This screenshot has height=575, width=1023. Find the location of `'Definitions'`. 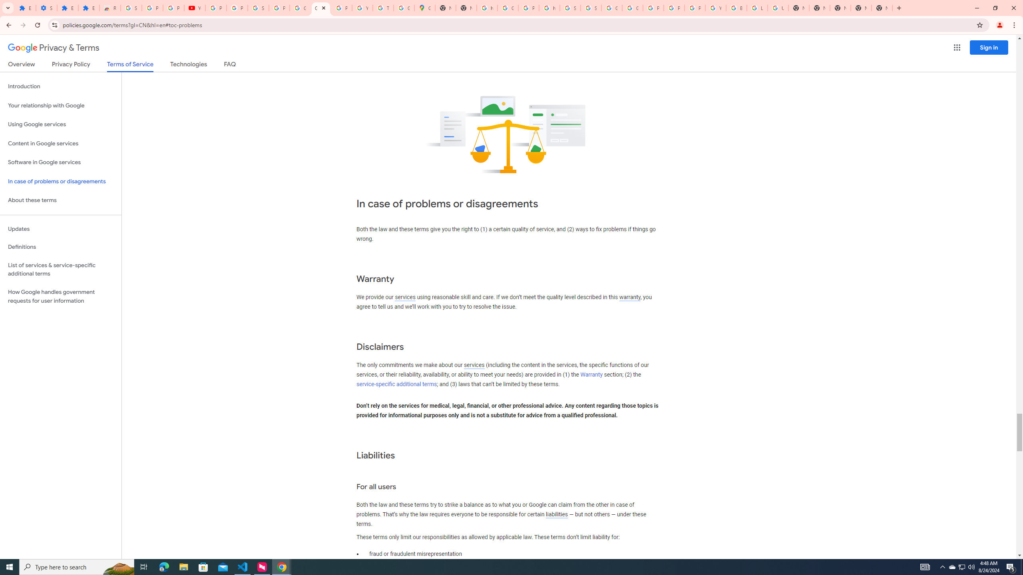

'Definitions' is located at coordinates (60, 247).